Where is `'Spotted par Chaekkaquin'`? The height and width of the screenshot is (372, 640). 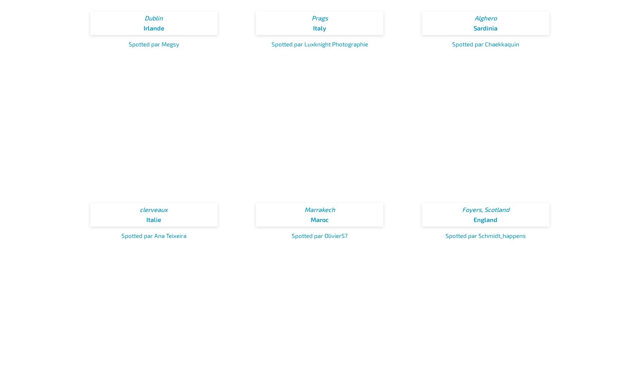
'Spotted par Chaekkaquin' is located at coordinates (485, 43).